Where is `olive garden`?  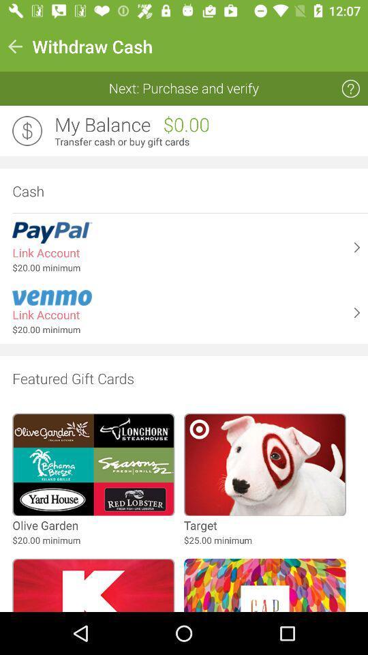 olive garden is located at coordinates (45, 525).